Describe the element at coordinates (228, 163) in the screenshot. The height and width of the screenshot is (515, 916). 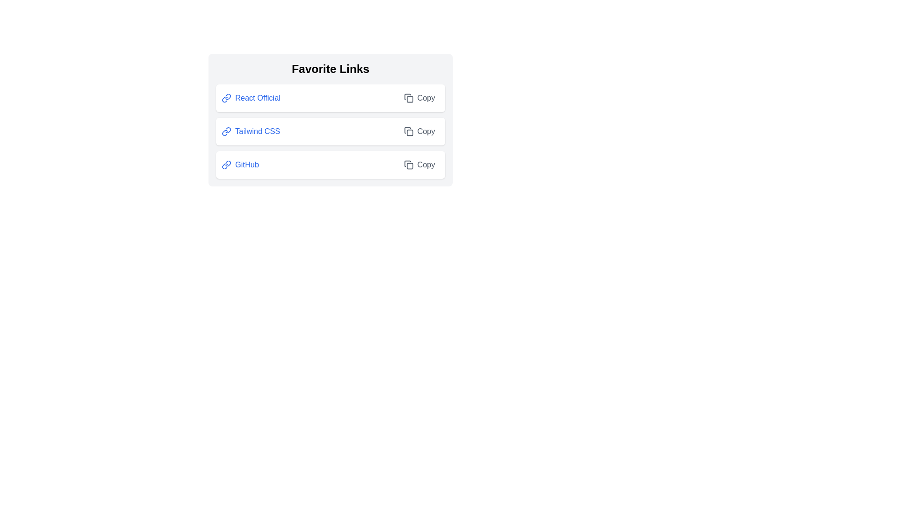
I see `the upper segment of the chain-like icon that symbolizes connectivity, located in the third row of the 'Favorite Links' section, to the left of the text 'GitHub'` at that location.